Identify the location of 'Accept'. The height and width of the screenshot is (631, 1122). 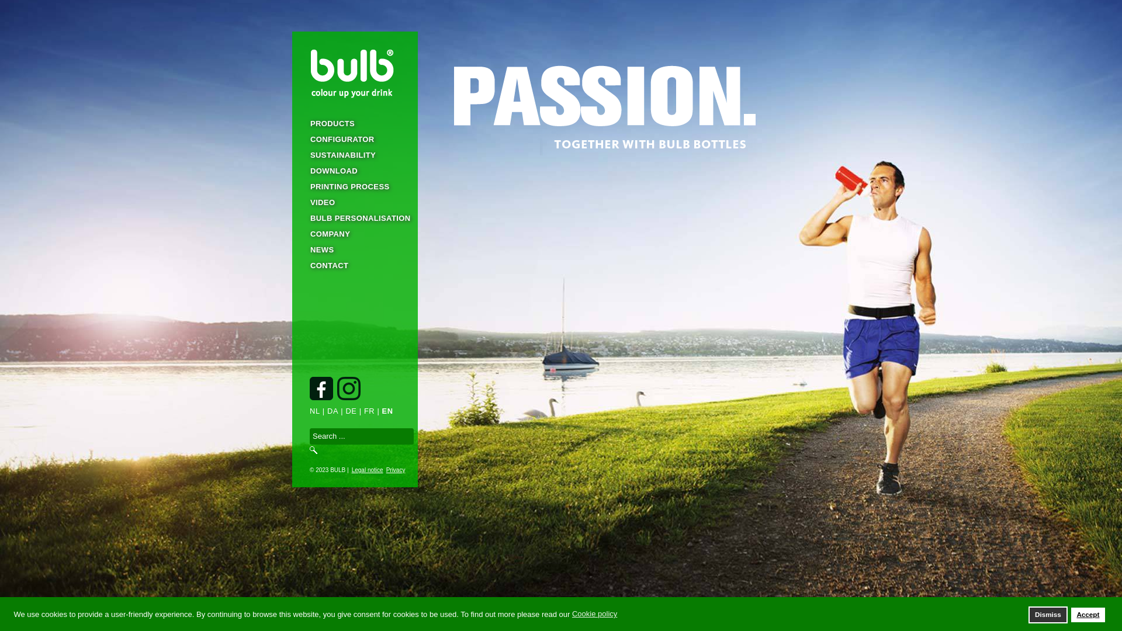
(1071, 614).